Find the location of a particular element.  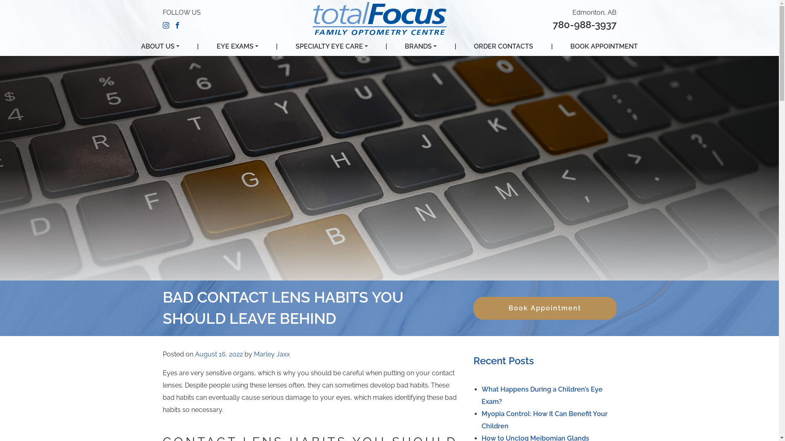

'780-988-3937' is located at coordinates (584, 24).